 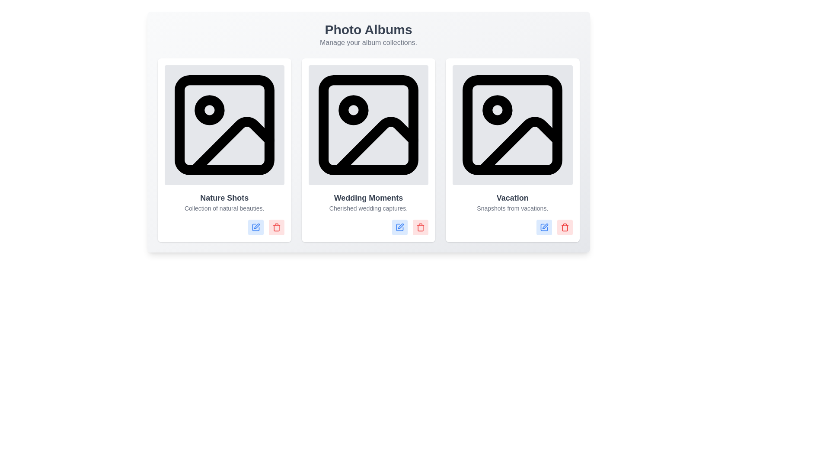 What do you see at coordinates (565, 227) in the screenshot?
I see `delete button for the album named Vacation` at bounding box center [565, 227].